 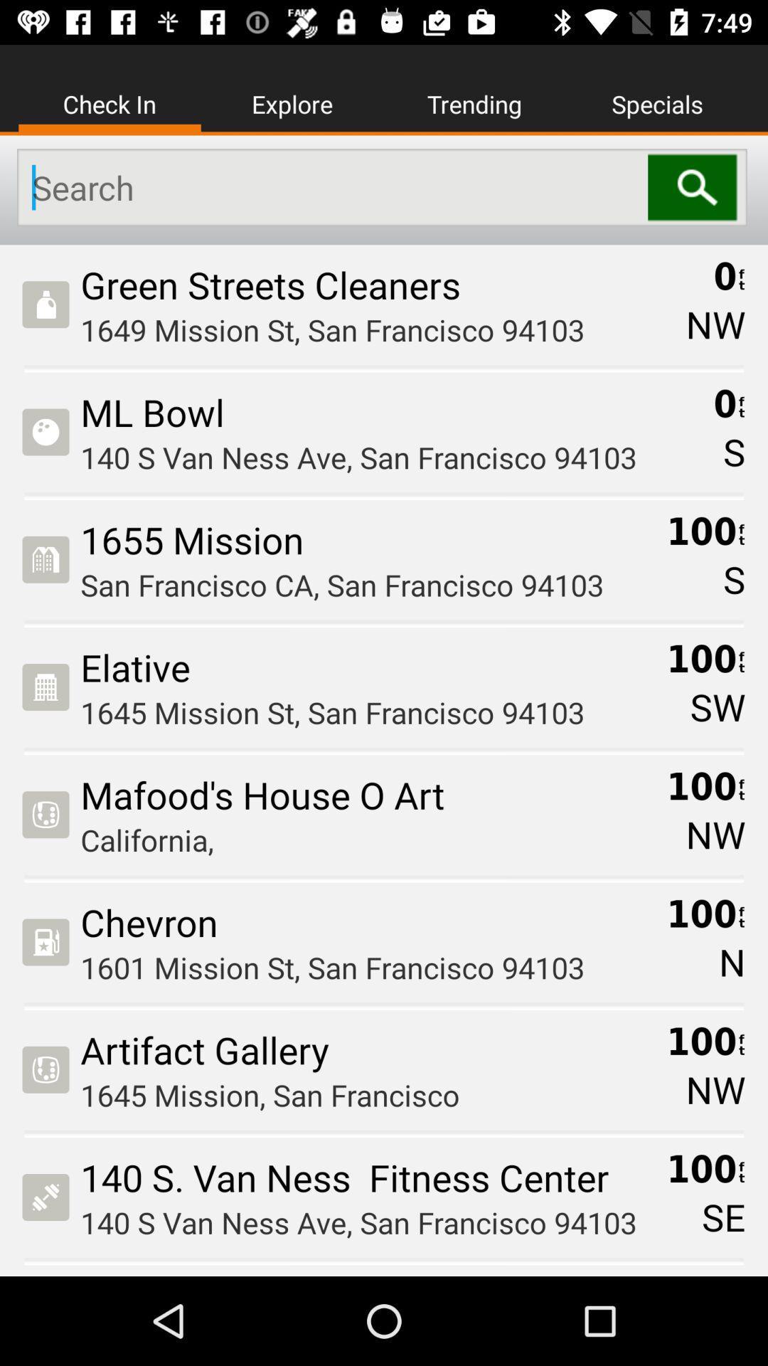 What do you see at coordinates (378, 285) in the screenshot?
I see `the item above 1649 mission st` at bounding box center [378, 285].